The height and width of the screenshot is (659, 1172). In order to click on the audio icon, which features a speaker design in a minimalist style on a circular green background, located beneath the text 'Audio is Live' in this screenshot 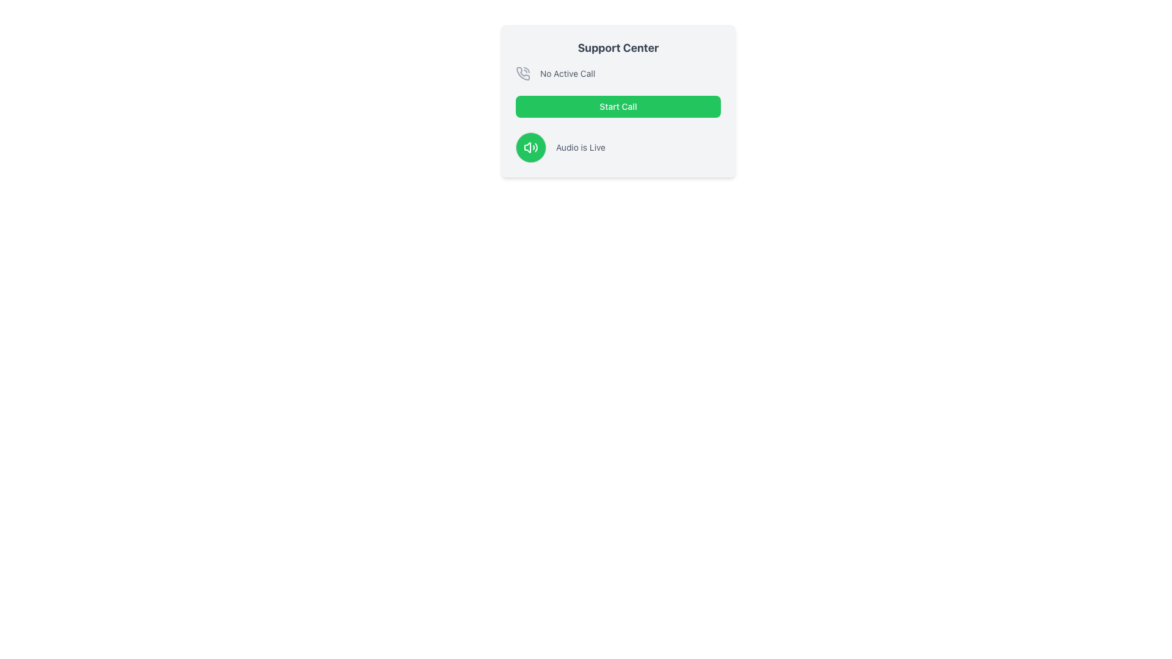, I will do `click(530, 147)`.